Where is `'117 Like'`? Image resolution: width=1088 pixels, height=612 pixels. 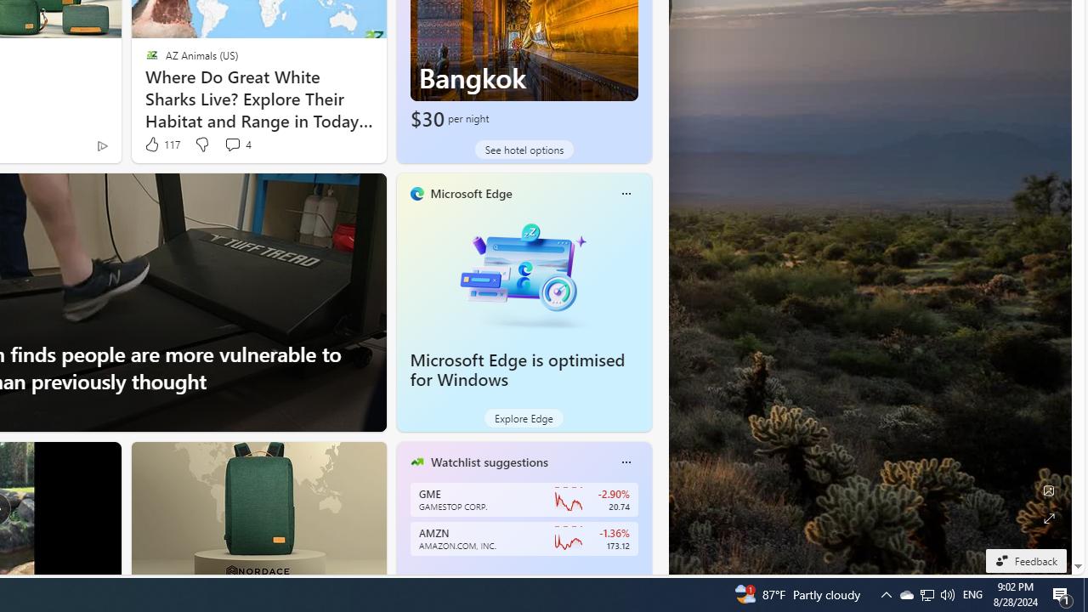 '117 Like' is located at coordinates (161, 144).